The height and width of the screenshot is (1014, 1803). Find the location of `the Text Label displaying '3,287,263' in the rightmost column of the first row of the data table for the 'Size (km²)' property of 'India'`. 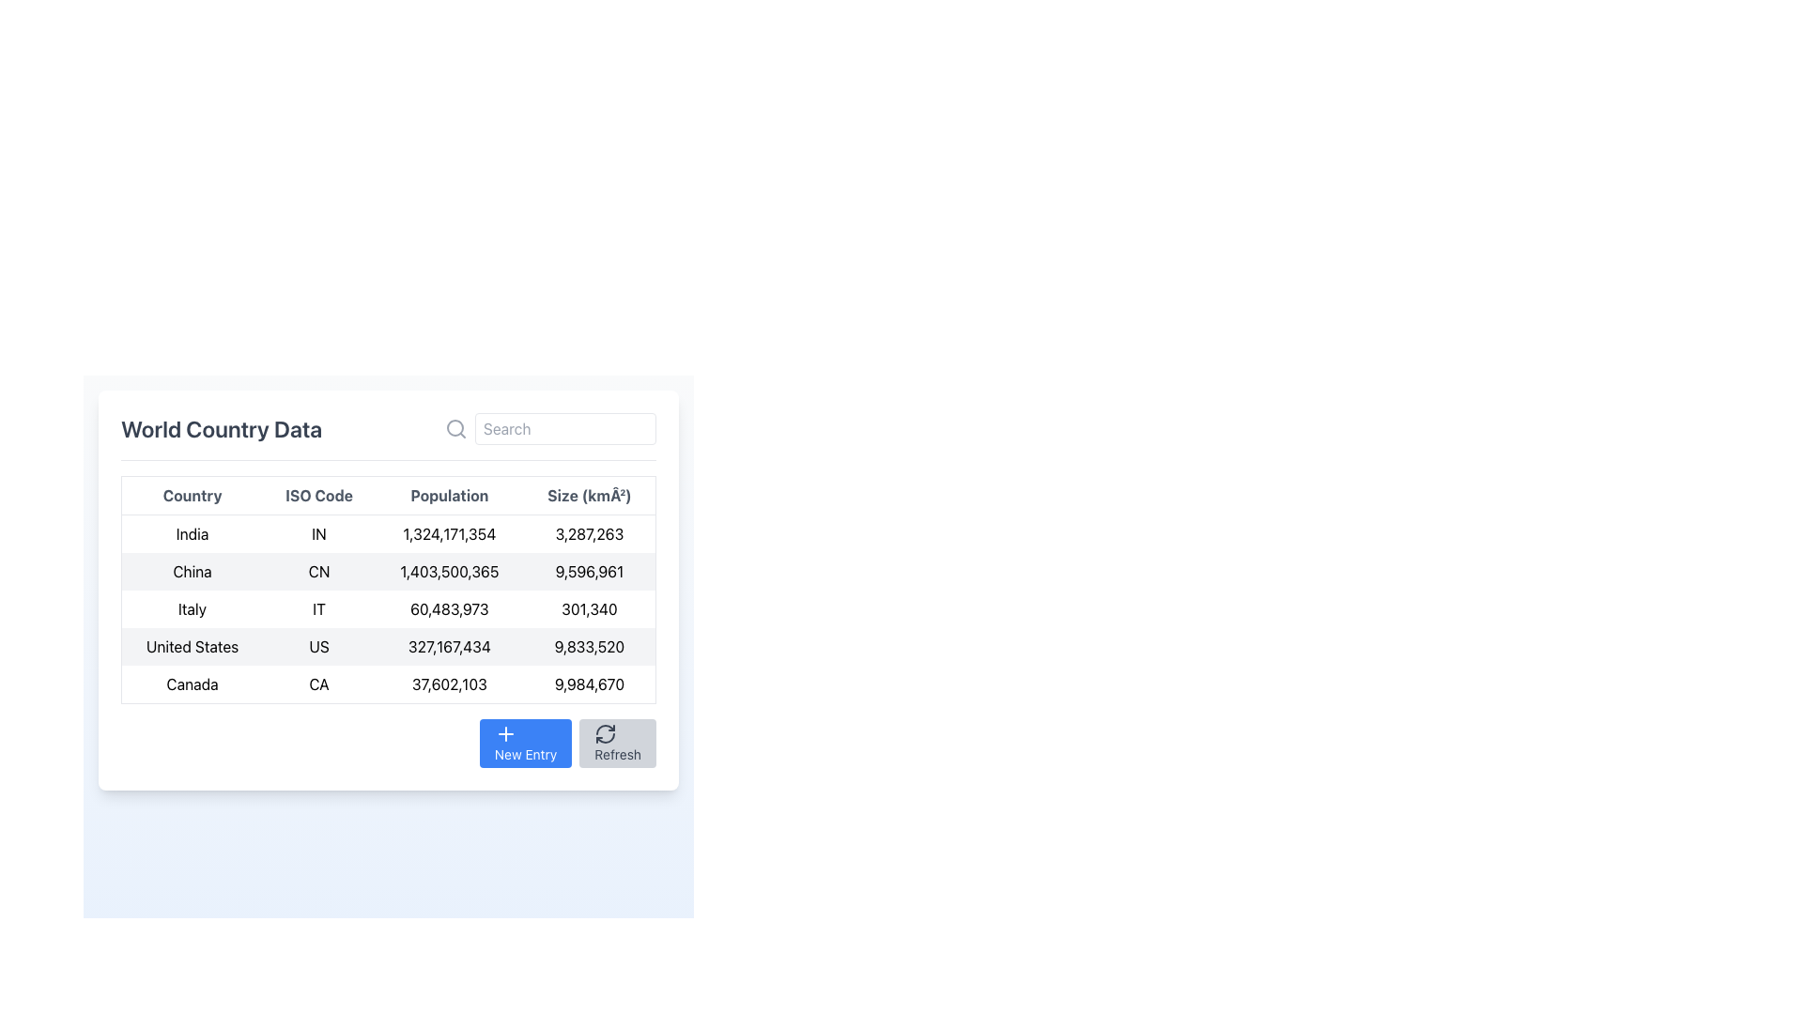

the Text Label displaying '3,287,263' in the rightmost column of the first row of the data table for the 'Size (km²)' property of 'India' is located at coordinates (589, 533).